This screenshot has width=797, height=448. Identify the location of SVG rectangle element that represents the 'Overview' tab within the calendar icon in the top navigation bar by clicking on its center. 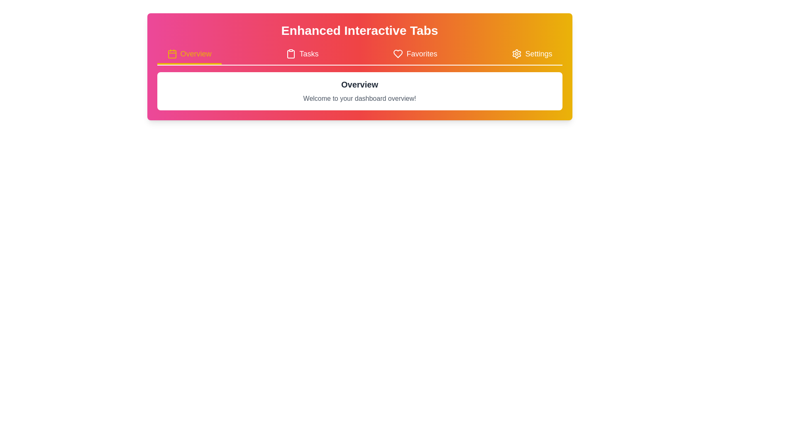
(171, 54).